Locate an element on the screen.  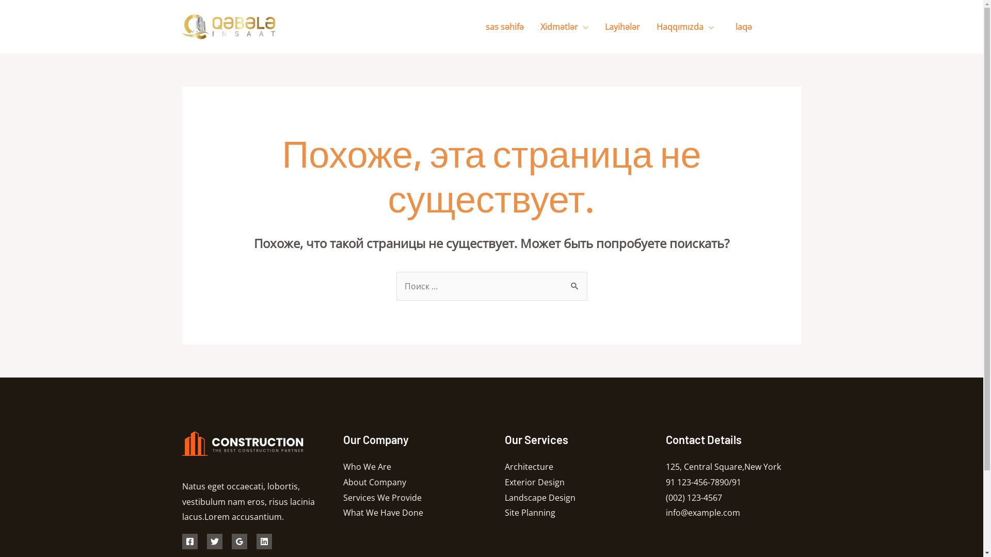
'What We Have Done' is located at coordinates (382, 513).